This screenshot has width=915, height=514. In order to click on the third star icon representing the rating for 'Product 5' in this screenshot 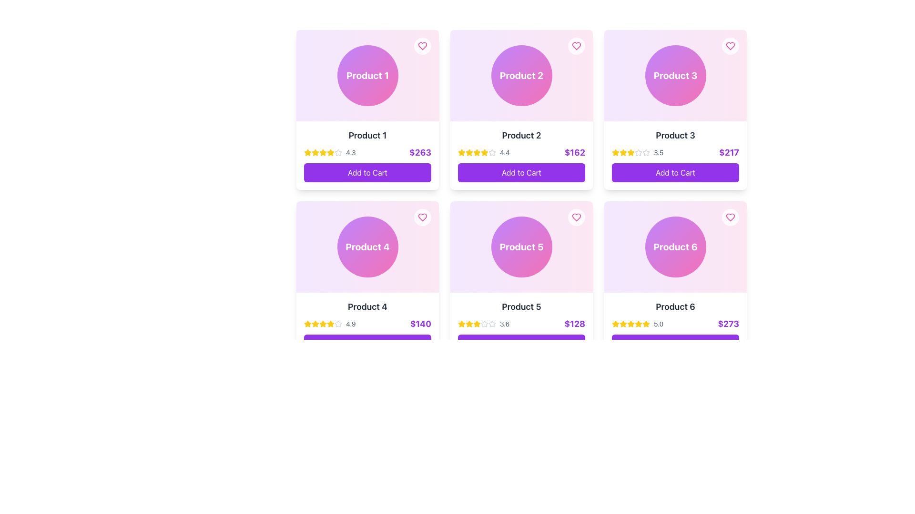, I will do `click(462, 323)`.